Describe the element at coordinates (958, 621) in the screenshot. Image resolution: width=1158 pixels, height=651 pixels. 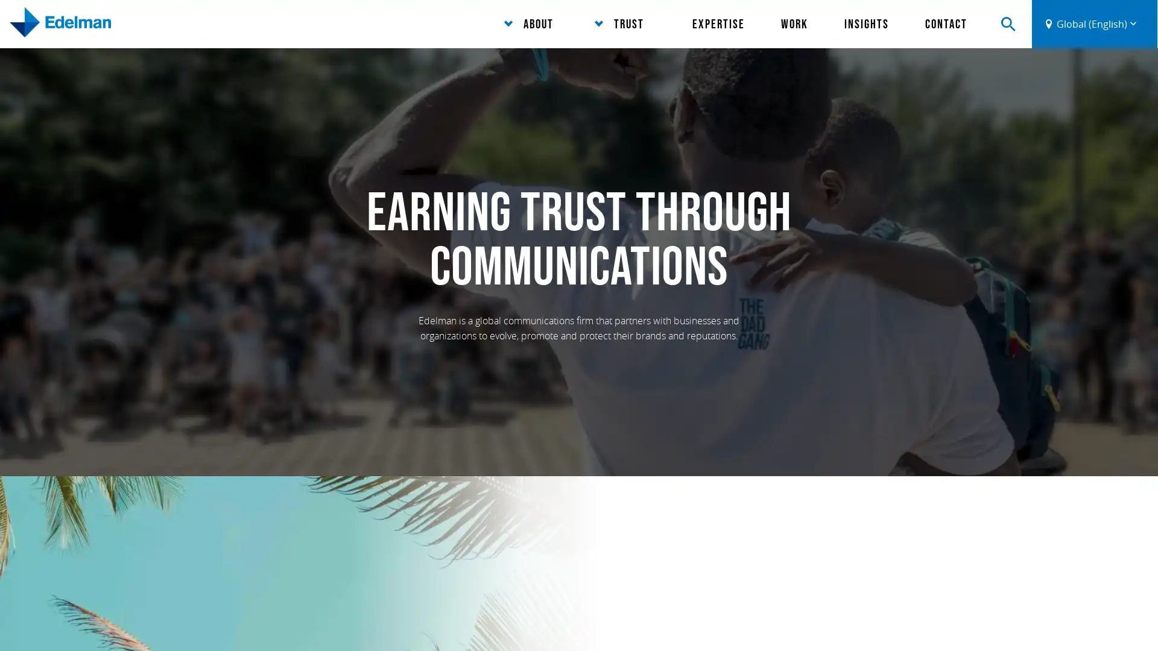
I see `ALLOW ALL COOKIES` at that location.